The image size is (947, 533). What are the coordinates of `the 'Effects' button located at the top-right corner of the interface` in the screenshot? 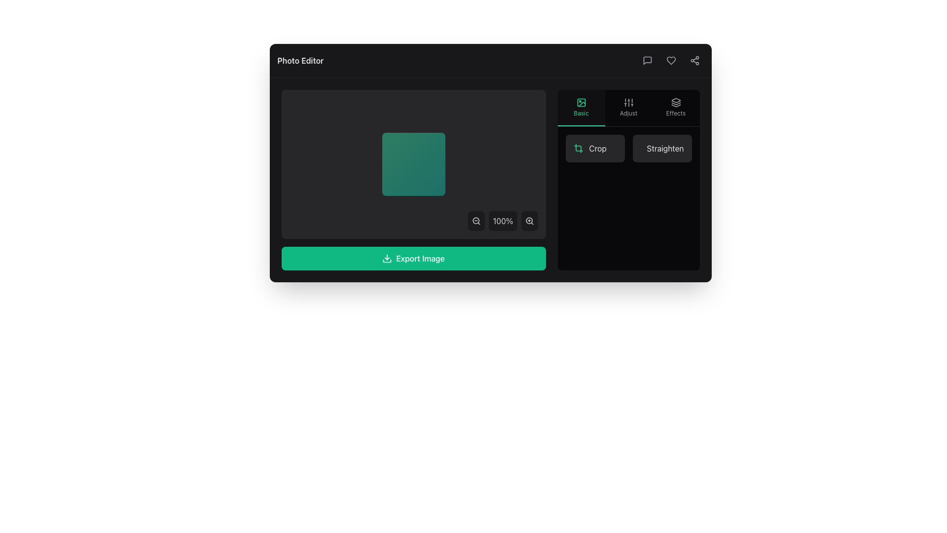 It's located at (675, 108).